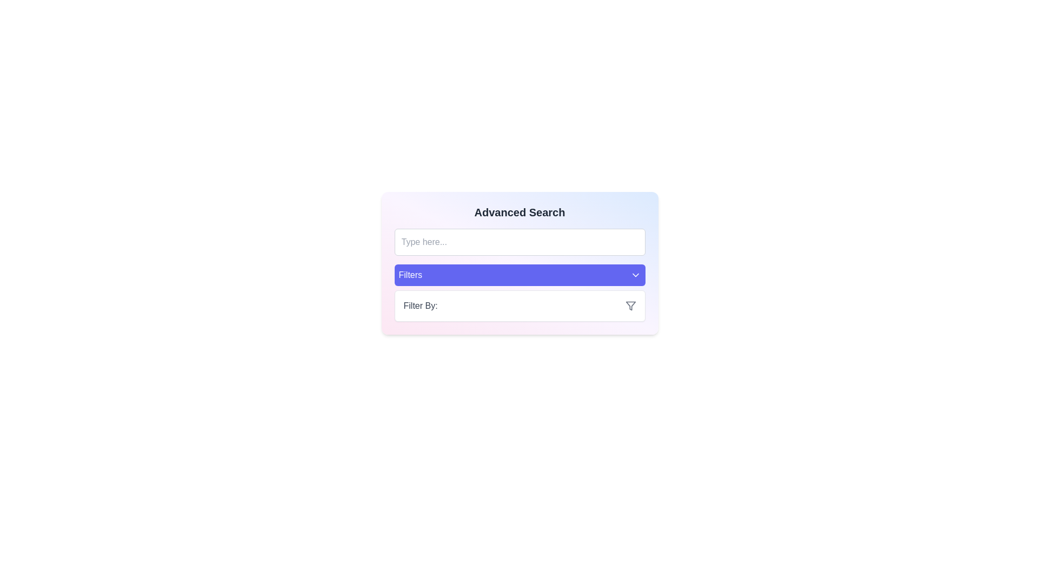 This screenshot has height=584, width=1038. What do you see at coordinates (630, 306) in the screenshot?
I see `the gray filter-shaped icon resembling an inverted triangle located to the far right of the 'Filter By:' text` at bounding box center [630, 306].